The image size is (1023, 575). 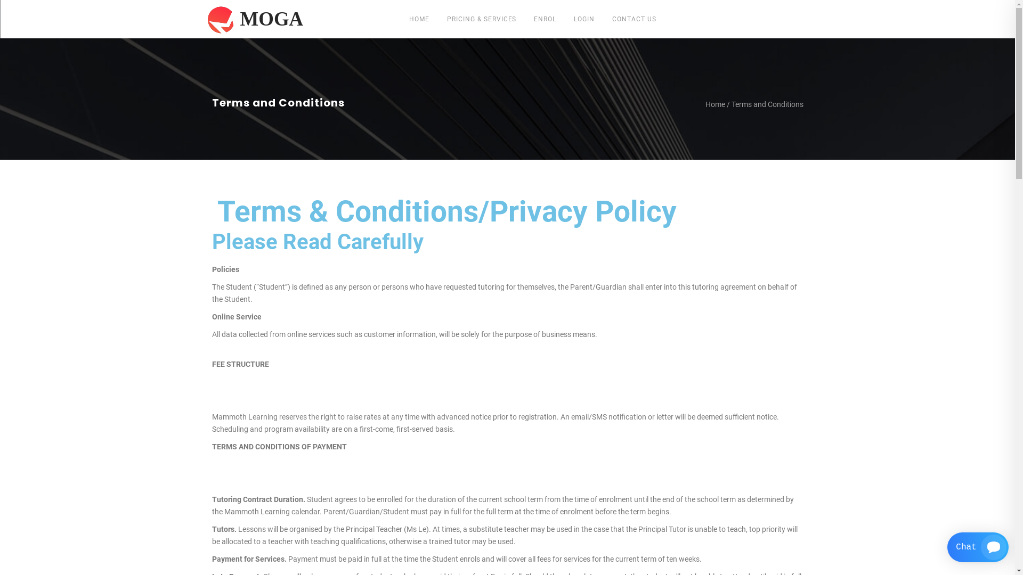 I want to click on 'LOGIN', so click(x=583, y=19).